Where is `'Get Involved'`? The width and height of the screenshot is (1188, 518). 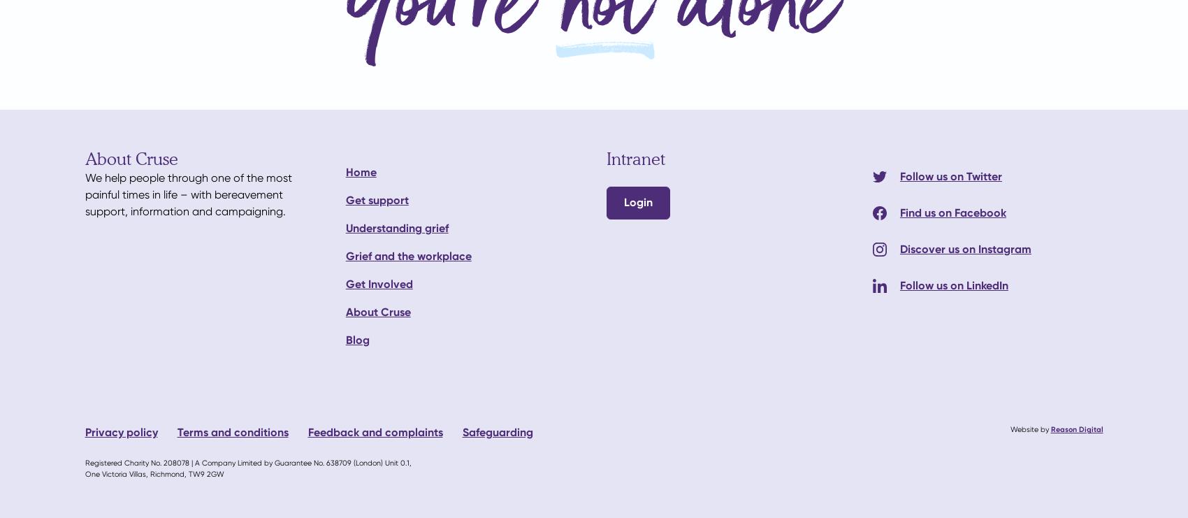 'Get Involved' is located at coordinates (377, 283).